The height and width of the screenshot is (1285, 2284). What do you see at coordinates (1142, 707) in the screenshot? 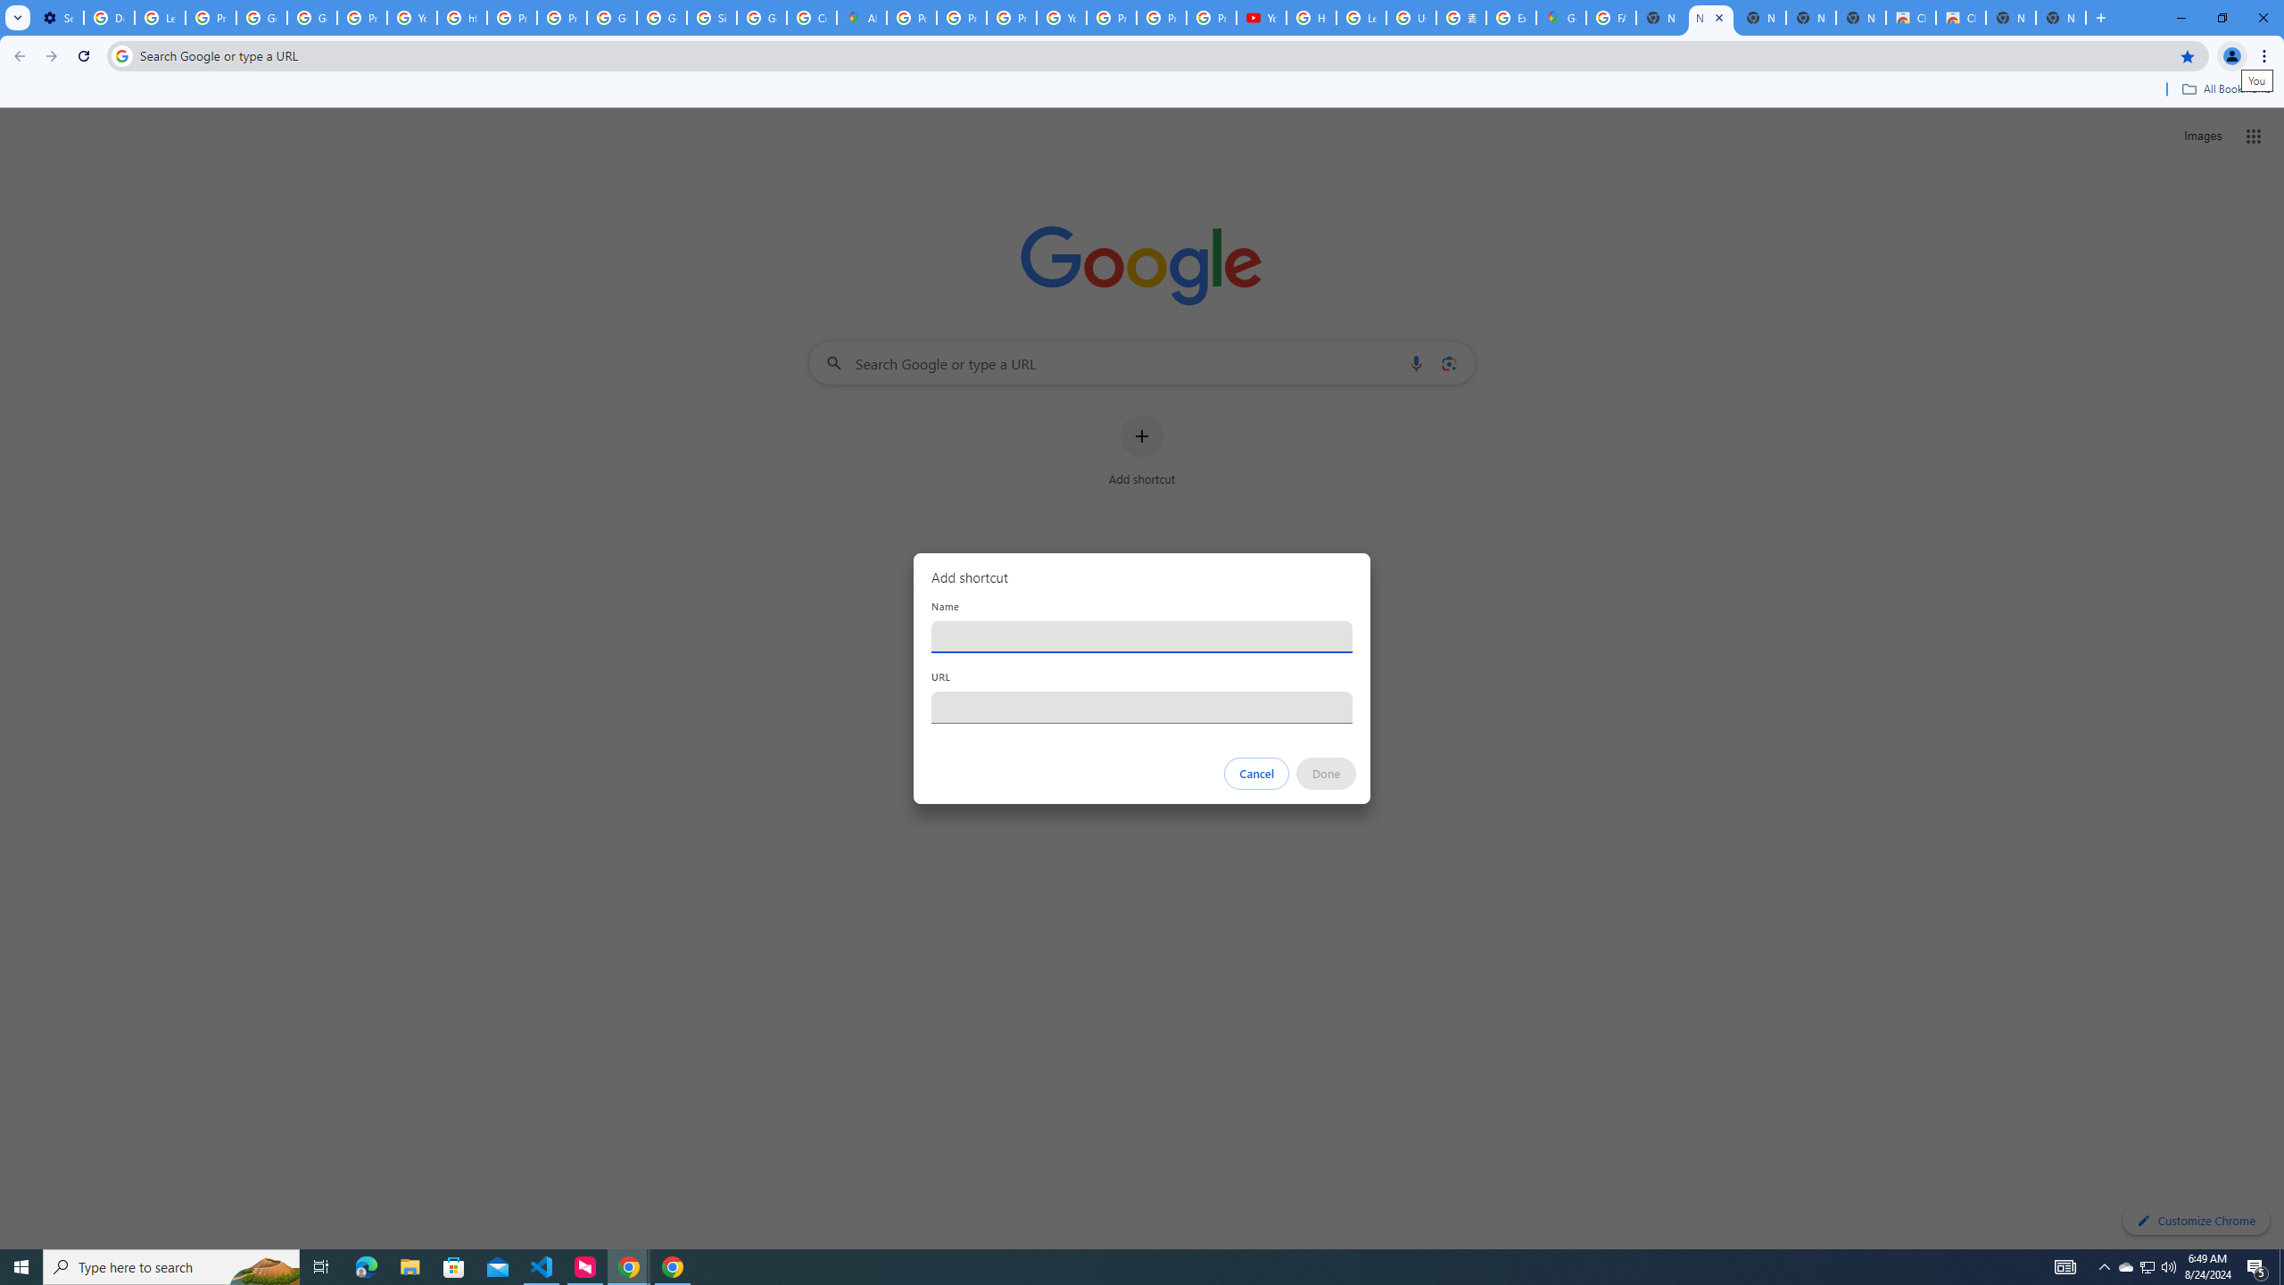
I see `'URL'` at bounding box center [1142, 707].